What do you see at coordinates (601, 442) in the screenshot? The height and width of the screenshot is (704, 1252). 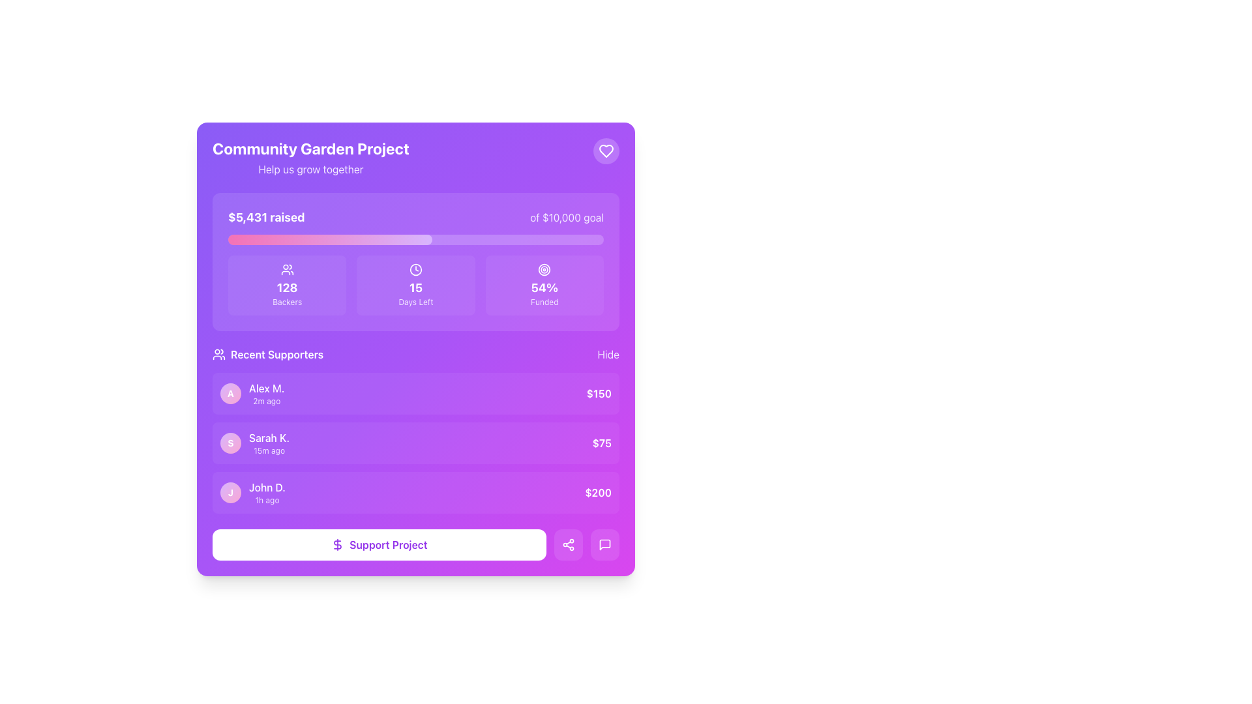 I see `the contribution label/text indicating the amount contributed by the supporter, which is positioned at the far right end of the supporter's record line adjacent to the supporter name and time` at bounding box center [601, 442].